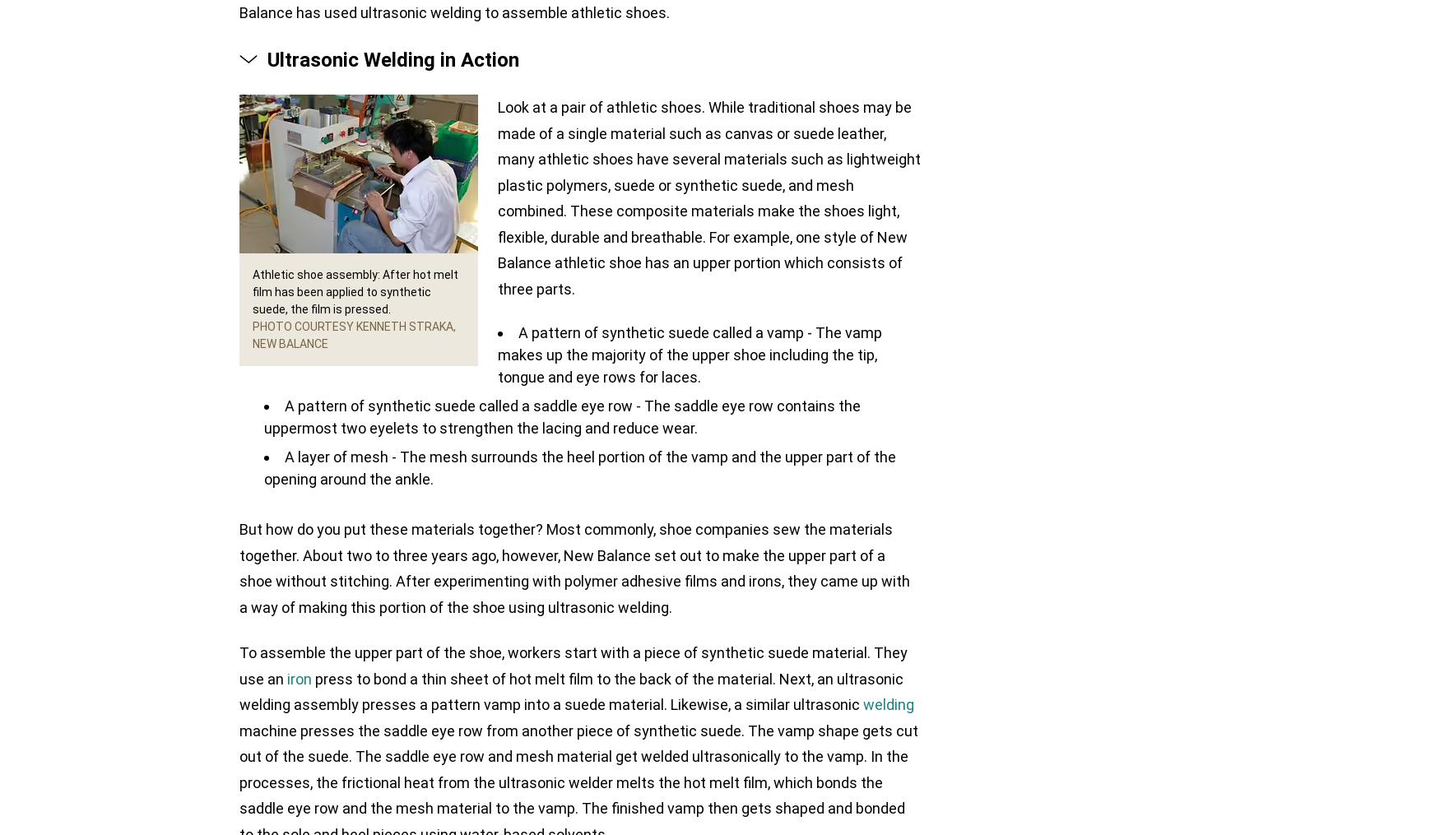 The width and height of the screenshot is (1440, 835). What do you see at coordinates (580, 468) in the screenshot?
I see `'A layer of mesh - The mesh surrounds the heel portion of the vamp and the upper part of the opening around the ankle.'` at bounding box center [580, 468].